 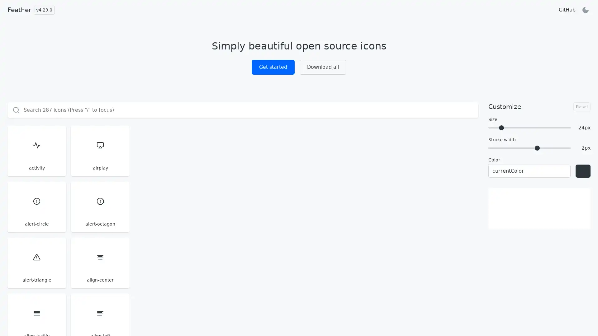 I want to click on arrow-down-right, so click(x=295, y=207).